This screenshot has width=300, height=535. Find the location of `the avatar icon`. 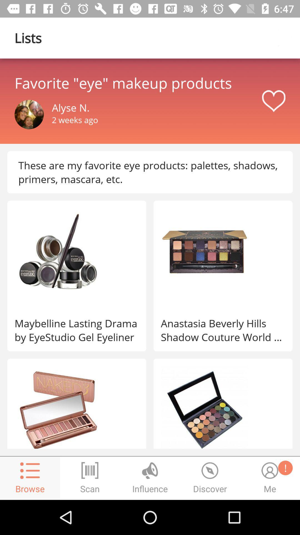

the avatar icon is located at coordinates (29, 114).